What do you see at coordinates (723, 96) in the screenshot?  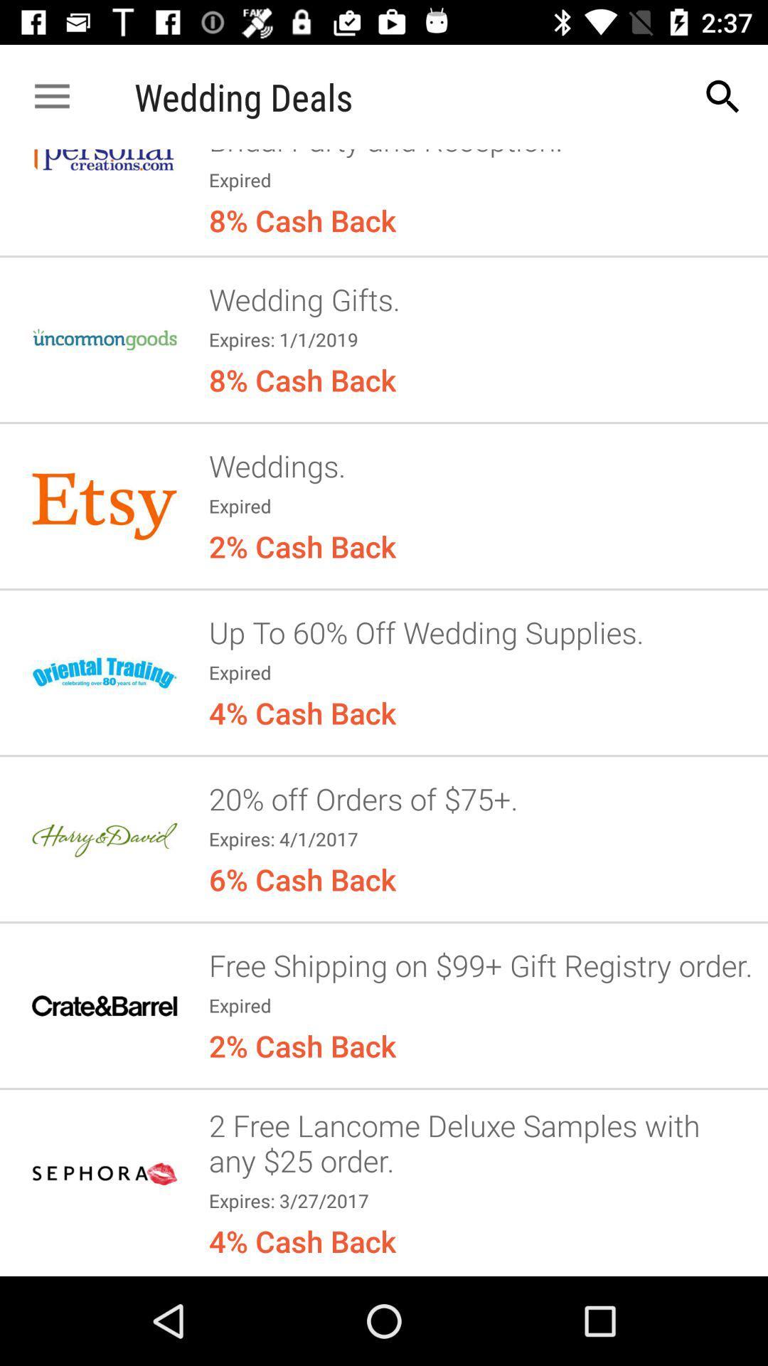 I see `the icon above the custom wedding gifts item` at bounding box center [723, 96].